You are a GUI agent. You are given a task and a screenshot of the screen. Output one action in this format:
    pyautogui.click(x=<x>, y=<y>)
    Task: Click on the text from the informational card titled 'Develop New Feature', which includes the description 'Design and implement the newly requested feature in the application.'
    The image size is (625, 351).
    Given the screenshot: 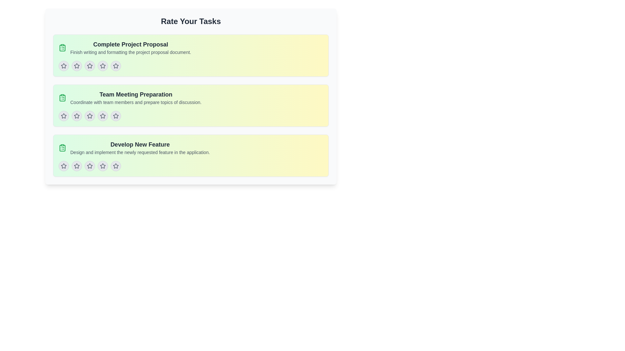 What is the action you would take?
    pyautogui.click(x=190, y=148)
    